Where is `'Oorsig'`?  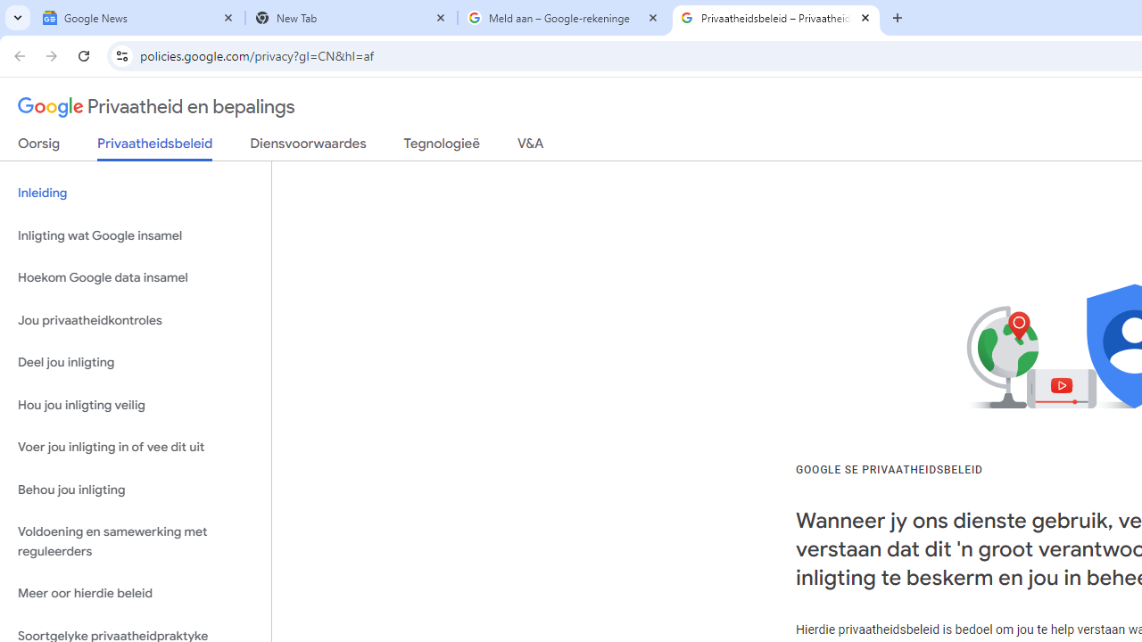 'Oorsig' is located at coordinates (39, 146).